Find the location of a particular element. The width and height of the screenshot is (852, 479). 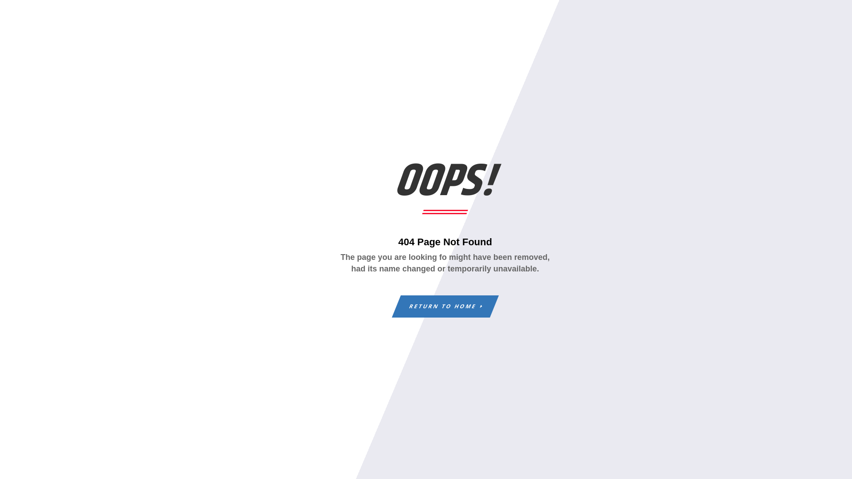

'RETURN TO HOME' is located at coordinates (440, 306).